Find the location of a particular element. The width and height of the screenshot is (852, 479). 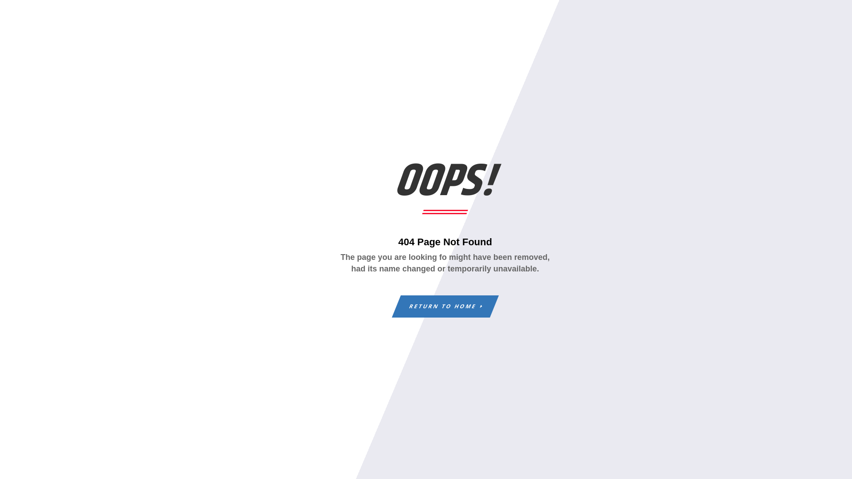

'RETURN TO HOME' is located at coordinates (440, 306).